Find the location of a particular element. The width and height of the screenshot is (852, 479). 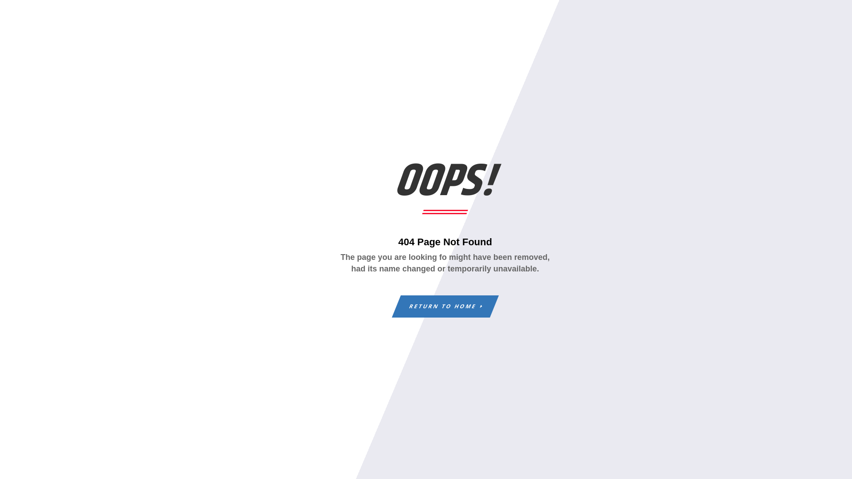

'RETURN TO HOME' is located at coordinates (440, 306).